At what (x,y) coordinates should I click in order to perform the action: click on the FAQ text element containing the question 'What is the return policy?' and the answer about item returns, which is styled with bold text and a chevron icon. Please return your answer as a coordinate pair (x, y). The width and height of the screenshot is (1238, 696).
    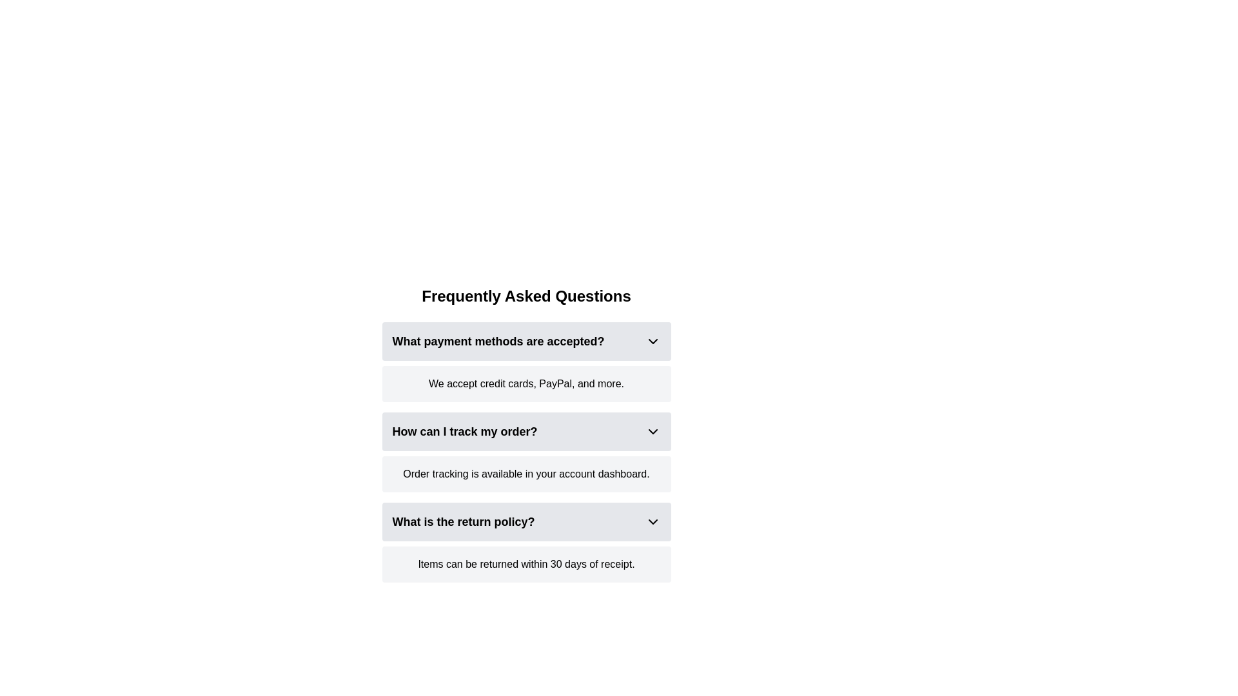
    Looking at the image, I should click on (526, 542).